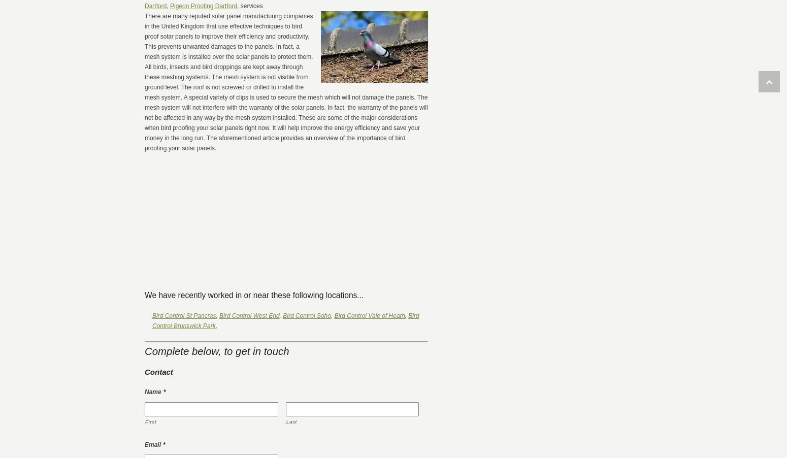  What do you see at coordinates (158, 371) in the screenshot?
I see `'Contact'` at bounding box center [158, 371].